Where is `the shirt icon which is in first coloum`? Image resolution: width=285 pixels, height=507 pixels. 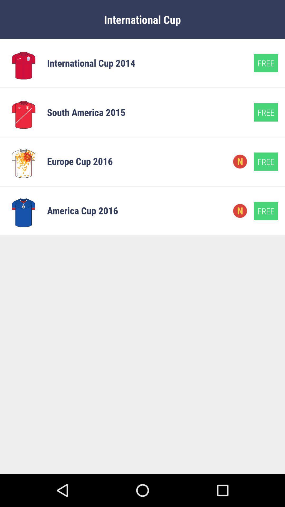
the shirt icon which is in first coloum is located at coordinates (23, 63).